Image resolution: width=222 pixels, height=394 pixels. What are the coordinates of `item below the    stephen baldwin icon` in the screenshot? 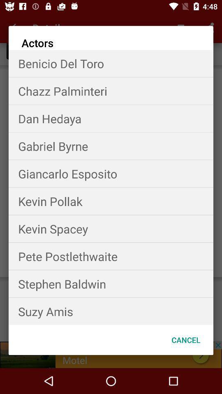 It's located at (111, 311).